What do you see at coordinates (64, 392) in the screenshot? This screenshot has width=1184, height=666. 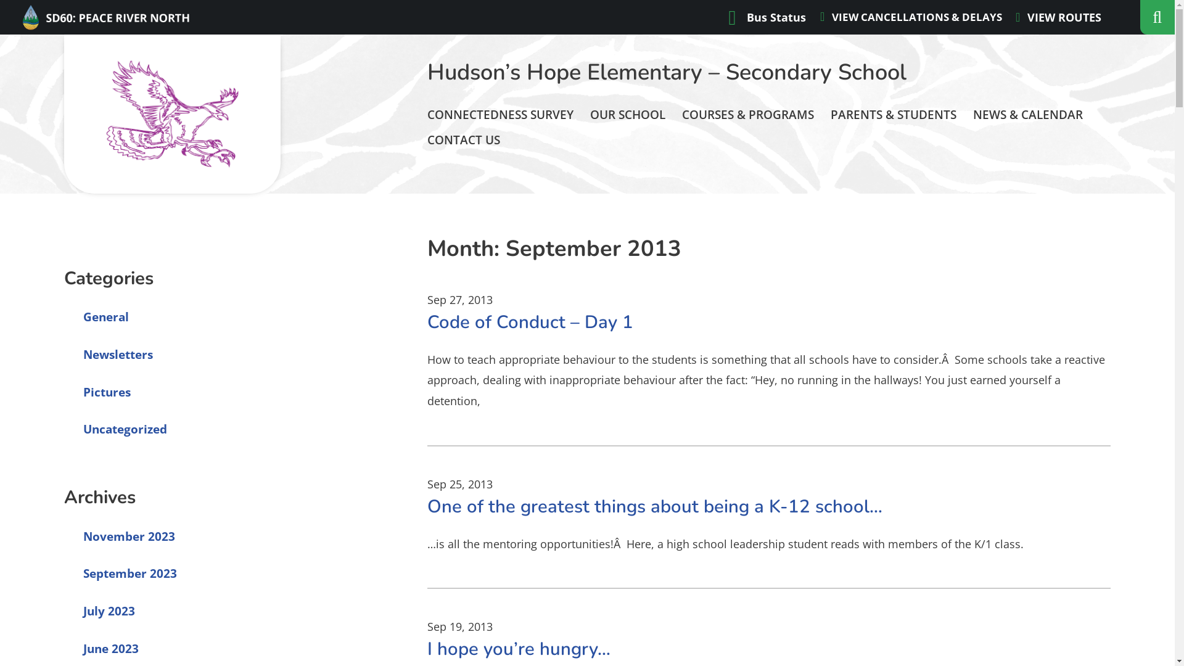 I see `'Pictures'` at bounding box center [64, 392].